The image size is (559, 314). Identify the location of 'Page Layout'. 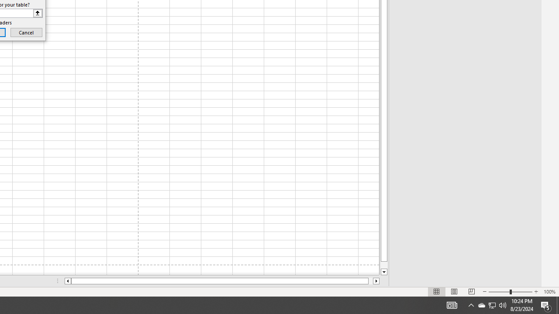
(454, 292).